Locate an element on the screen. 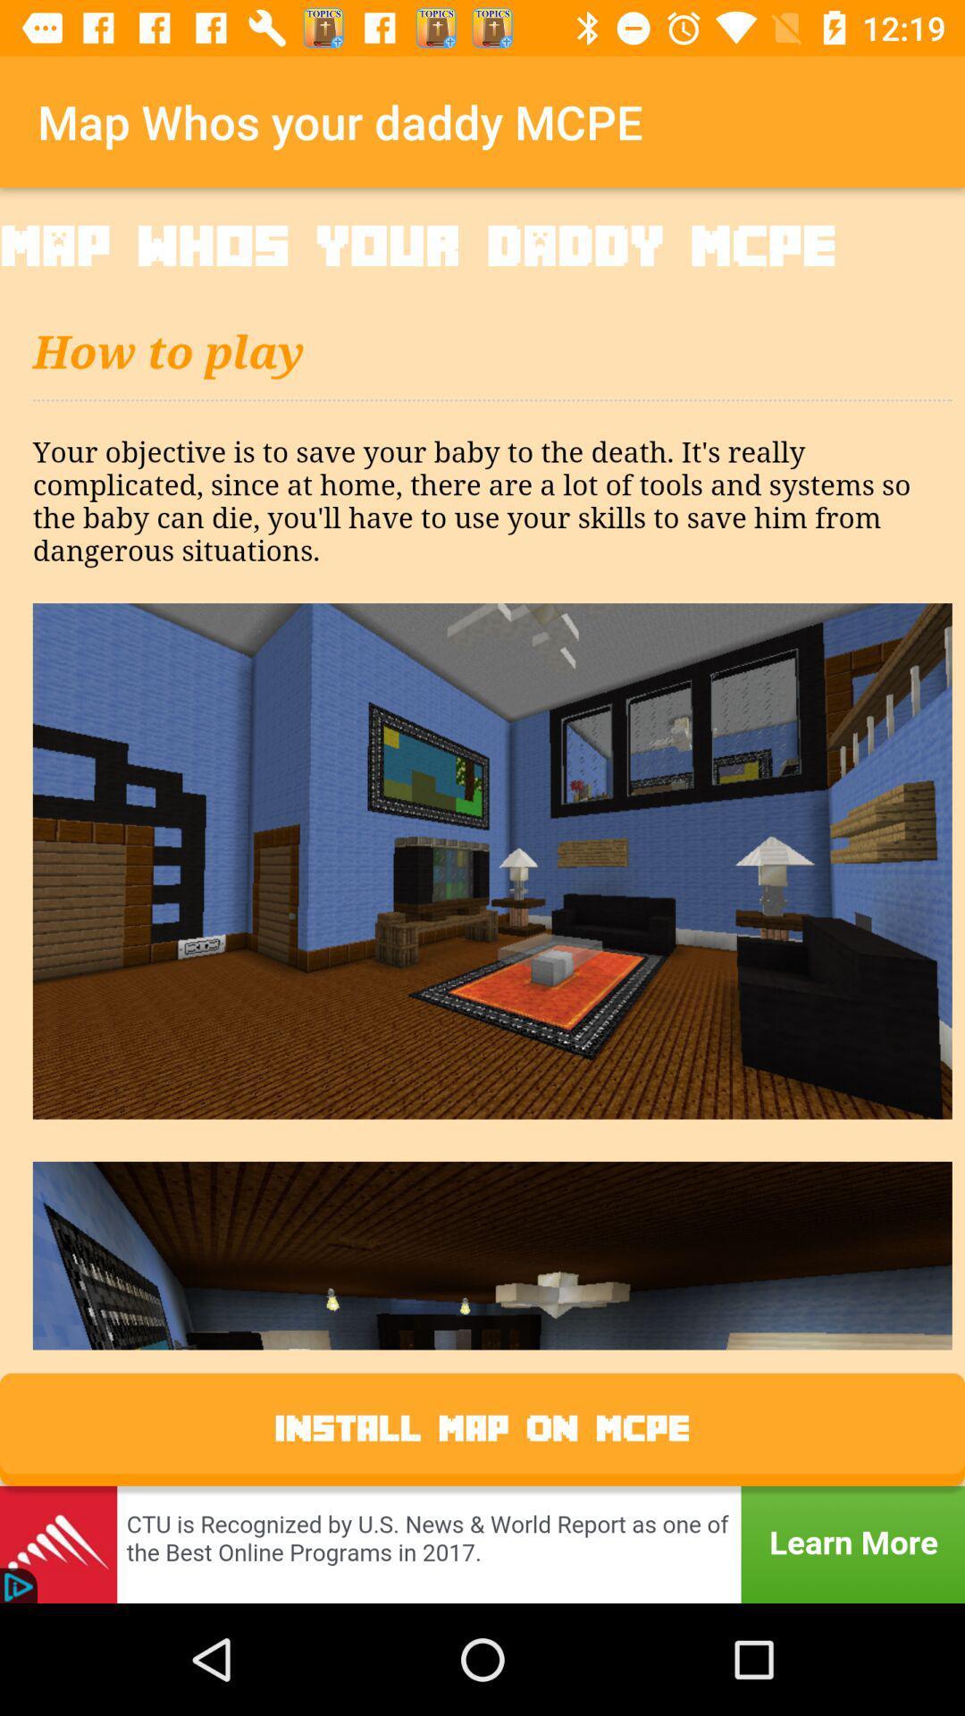 This screenshot has height=1716, width=965. open advertisement is located at coordinates (482, 1544).